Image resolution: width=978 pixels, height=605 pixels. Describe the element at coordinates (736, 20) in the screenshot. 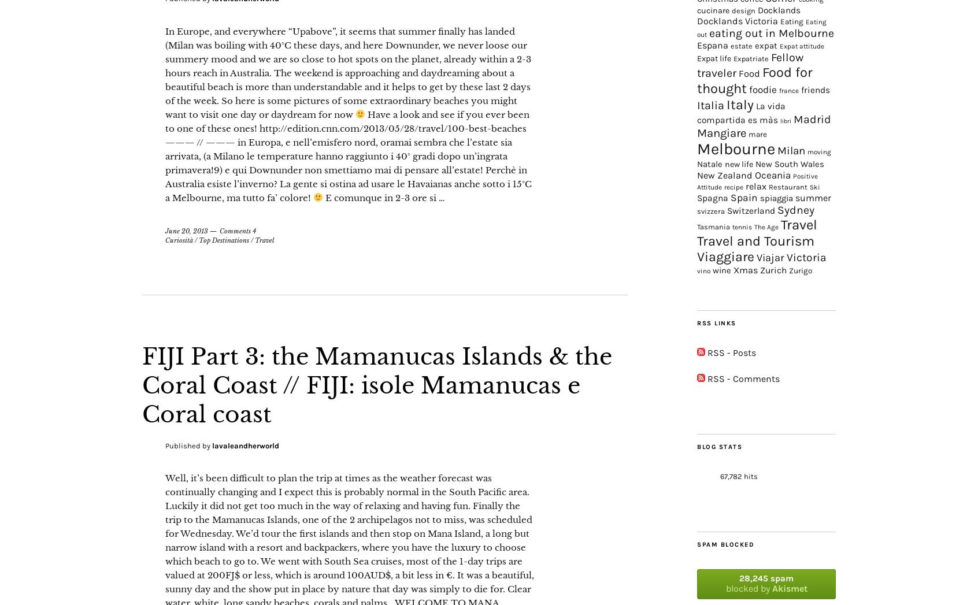

I see `'Docklands Victoria'` at that location.